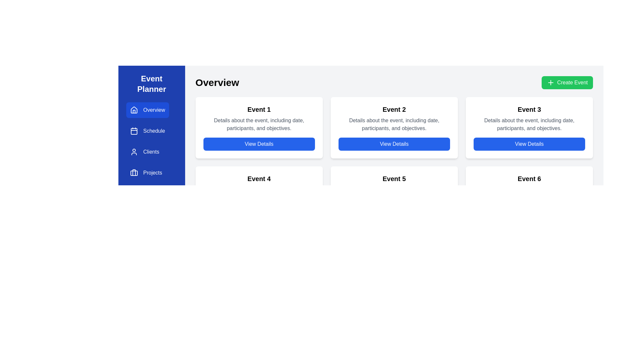 The width and height of the screenshot is (628, 353). Describe the element at coordinates (133, 109) in the screenshot. I see `the 'home' icon located in the sidebar navigation panel next to the 'Overview' label` at that location.